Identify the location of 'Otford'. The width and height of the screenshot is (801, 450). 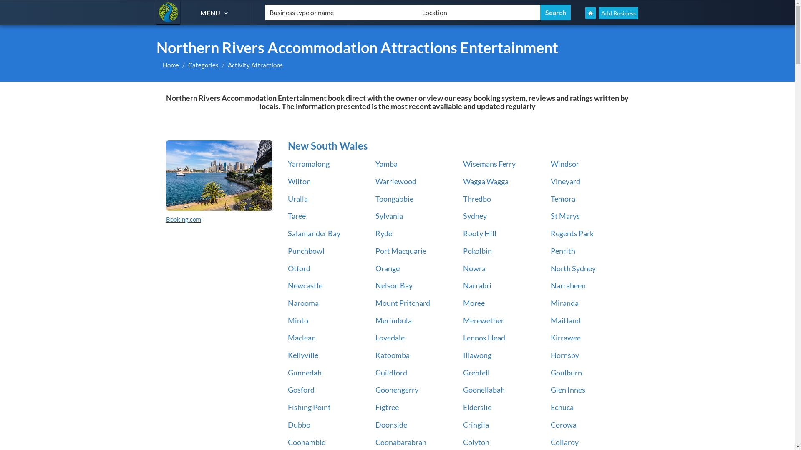
(299, 268).